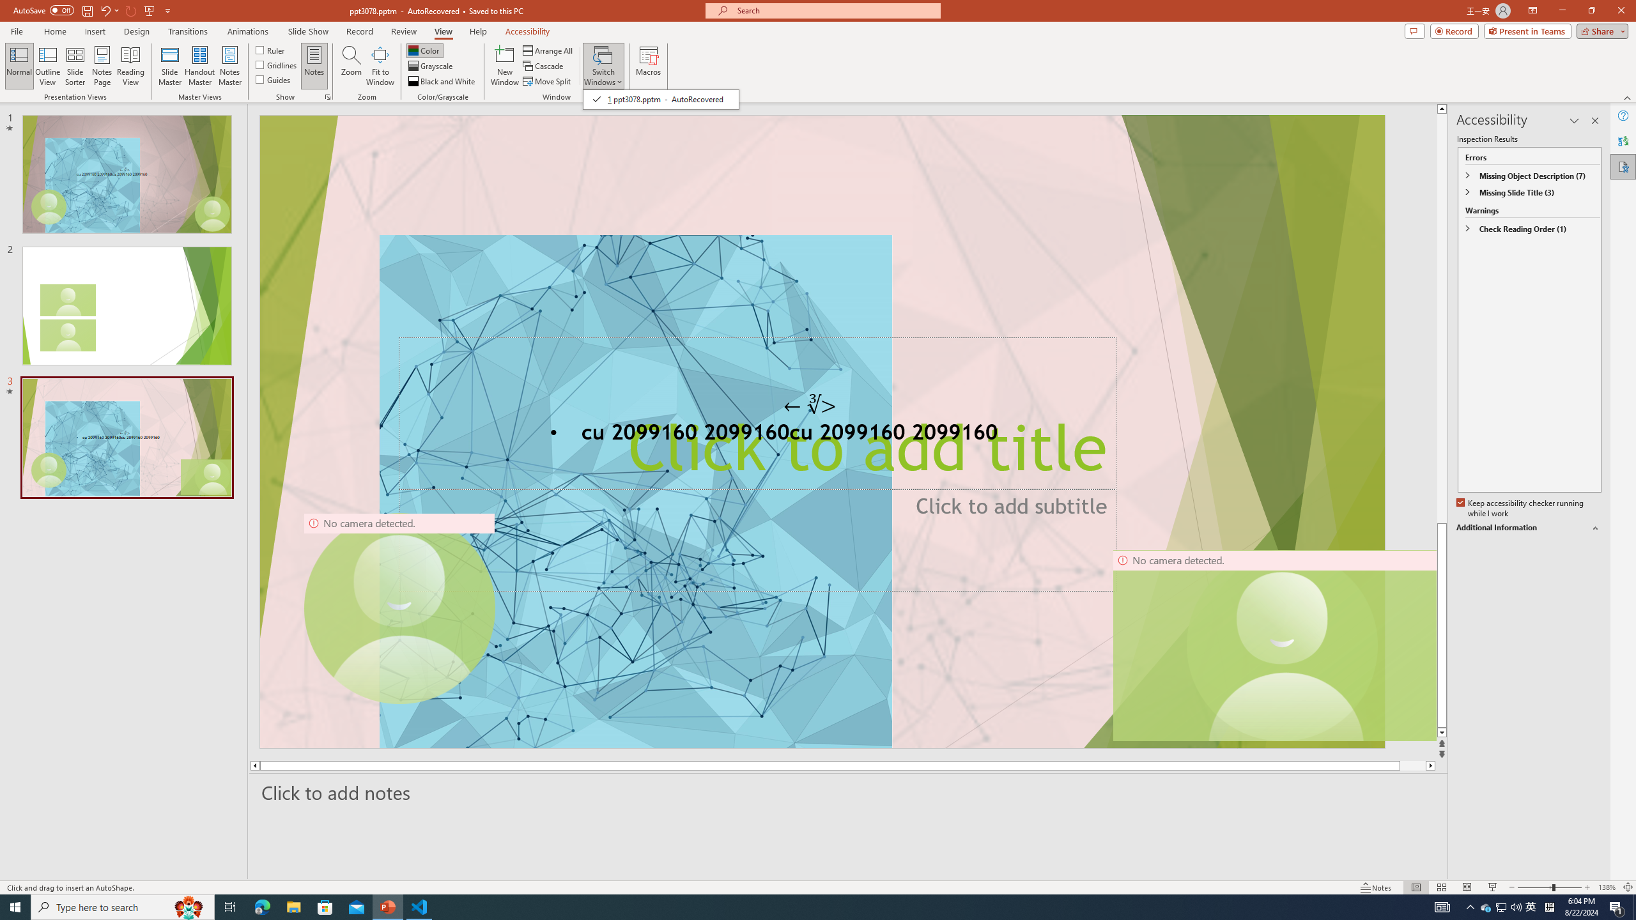  What do you see at coordinates (649, 66) in the screenshot?
I see `'Macros'` at bounding box center [649, 66].